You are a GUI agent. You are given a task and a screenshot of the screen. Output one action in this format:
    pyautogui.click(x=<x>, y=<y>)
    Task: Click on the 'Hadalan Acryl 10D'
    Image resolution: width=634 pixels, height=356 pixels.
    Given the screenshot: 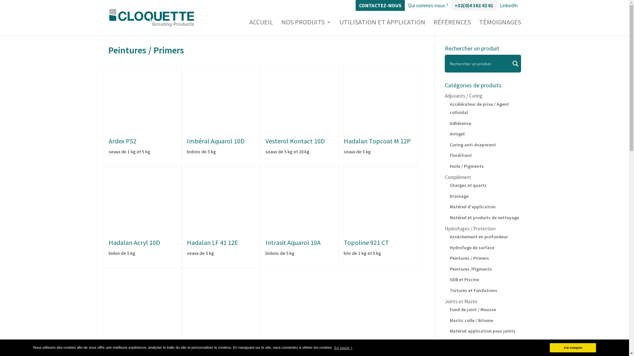 What is the action you would take?
    pyautogui.click(x=134, y=242)
    